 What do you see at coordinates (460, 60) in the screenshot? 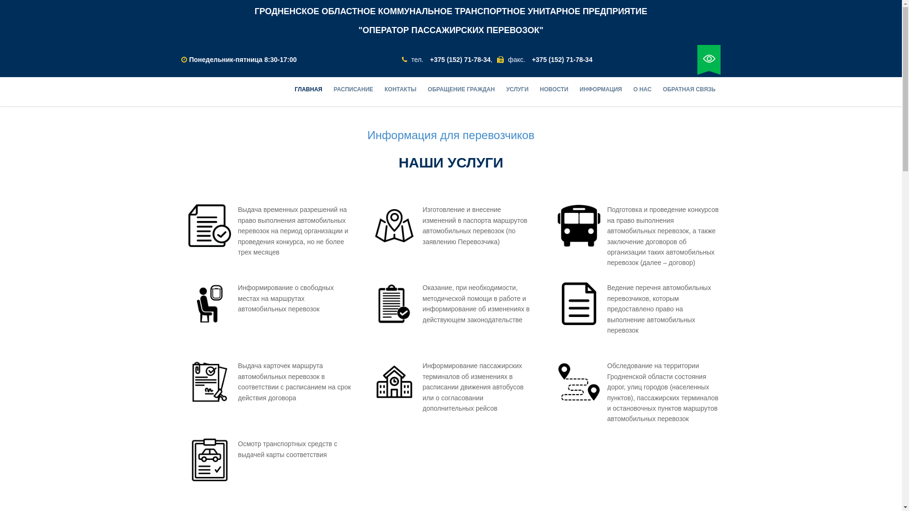
I see `'+375 (152) 71-78-34'` at bounding box center [460, 60].